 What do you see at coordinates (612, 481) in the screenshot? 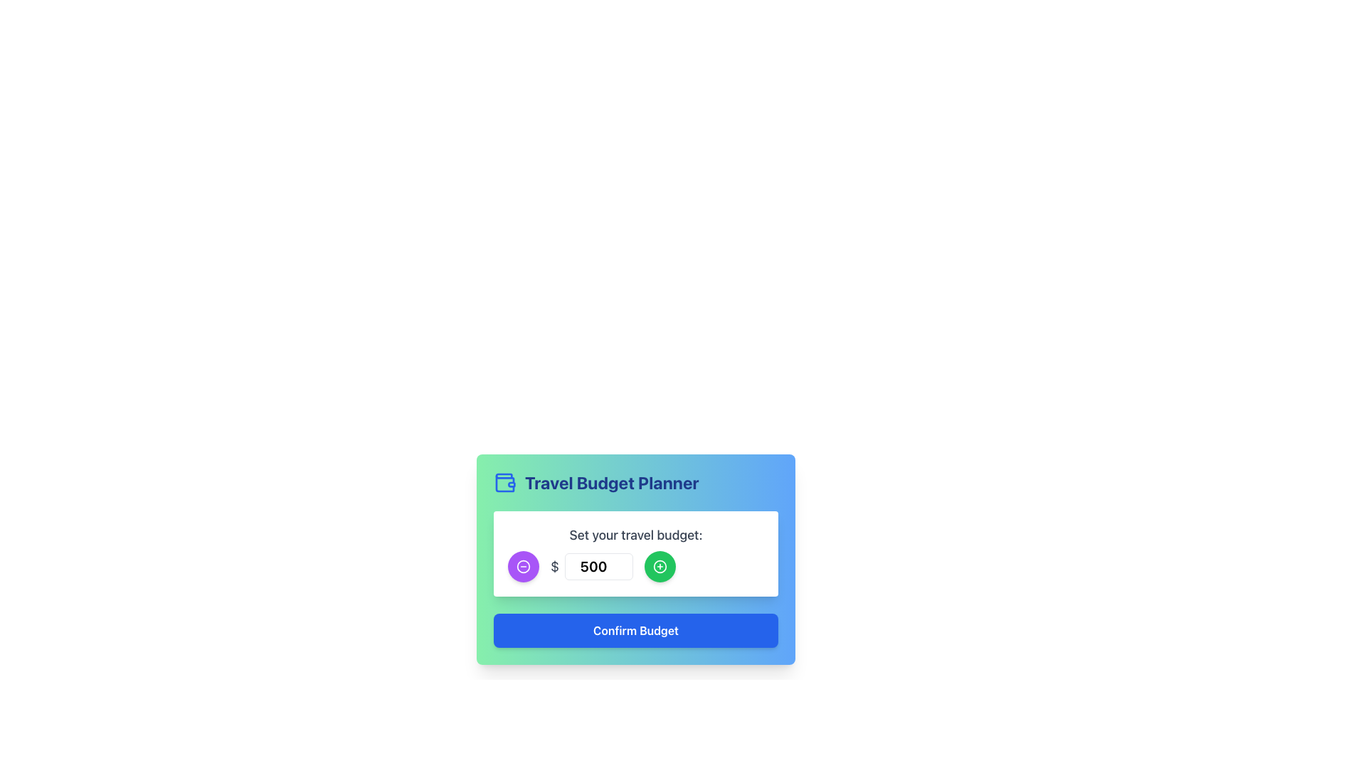
I see `the bold text label displaying 'Travel Budget Planner' which is centrally positioned near the upper area of the panel and styled in dark blue` at bounding box center [612, 481].